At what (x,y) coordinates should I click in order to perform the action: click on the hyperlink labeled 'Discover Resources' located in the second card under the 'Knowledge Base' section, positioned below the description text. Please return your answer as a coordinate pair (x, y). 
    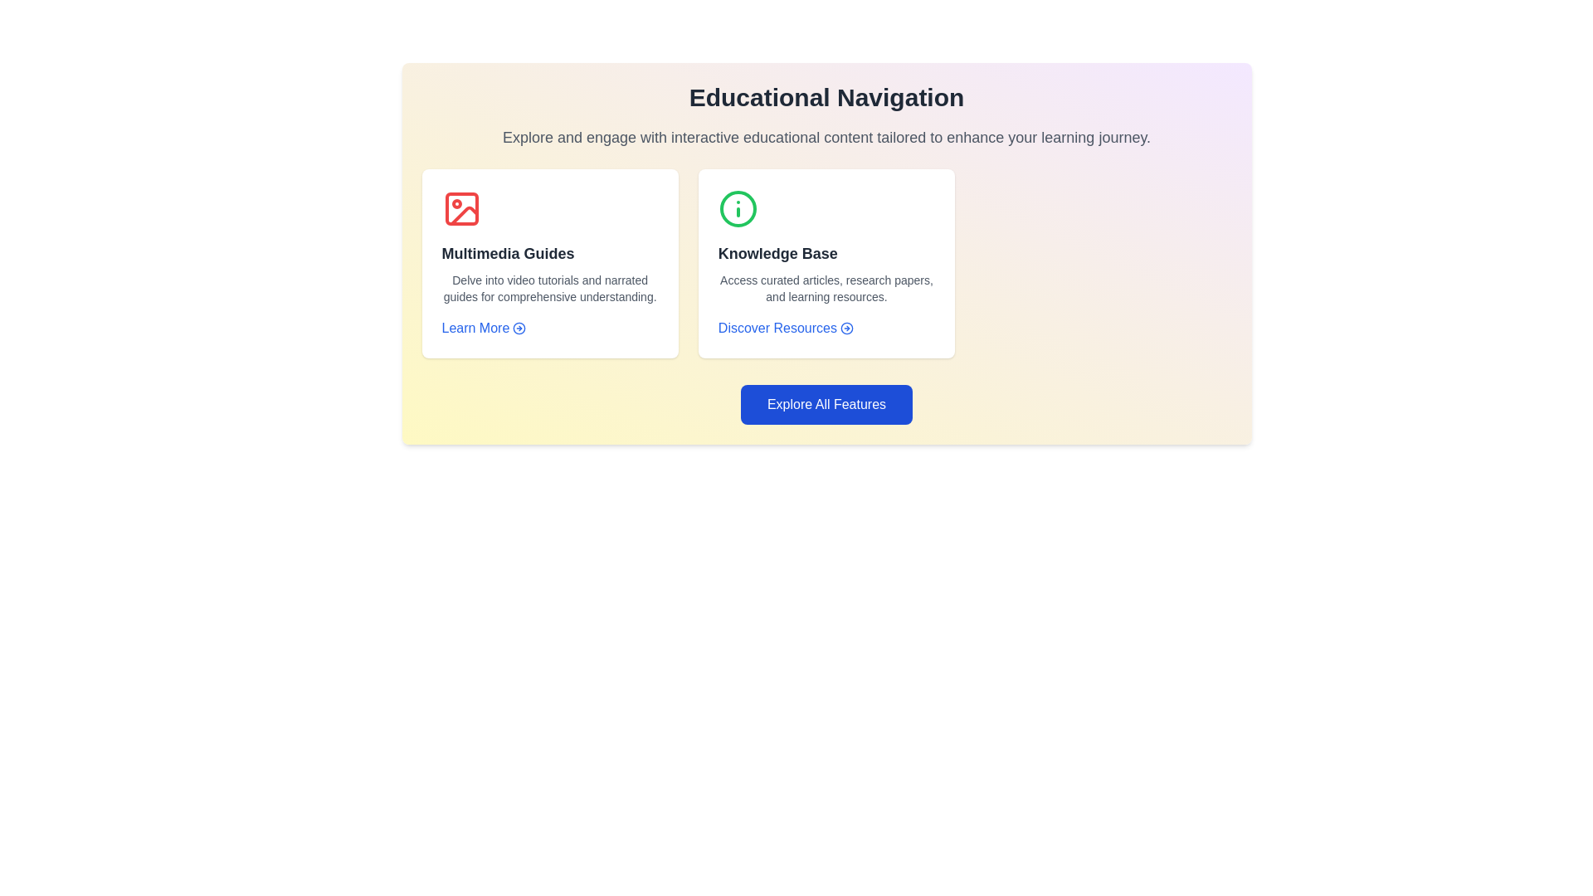
    Looking at the image, I should click on (785, 329).